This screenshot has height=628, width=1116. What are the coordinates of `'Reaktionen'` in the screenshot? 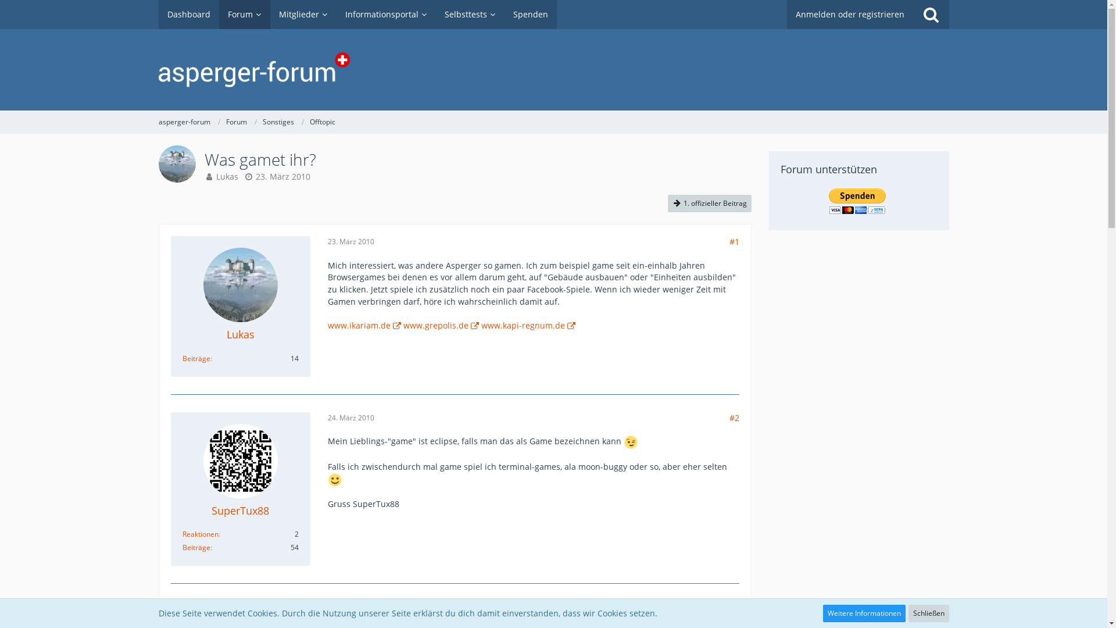 It's located at (201, 534).